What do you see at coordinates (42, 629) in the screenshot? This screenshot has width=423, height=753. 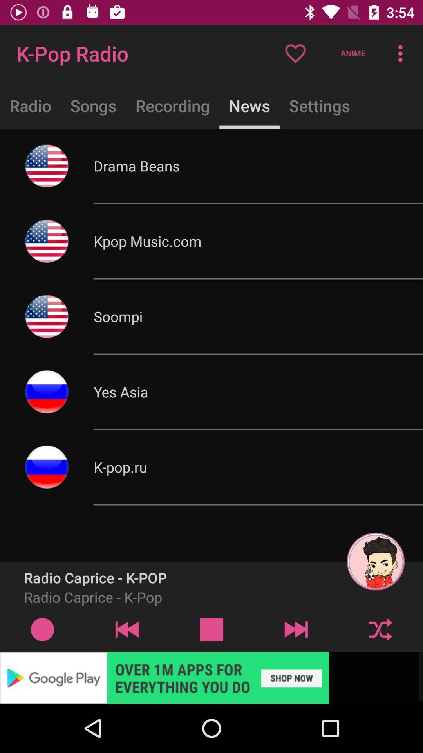 I see `record option` at bounding box center [42, 629].